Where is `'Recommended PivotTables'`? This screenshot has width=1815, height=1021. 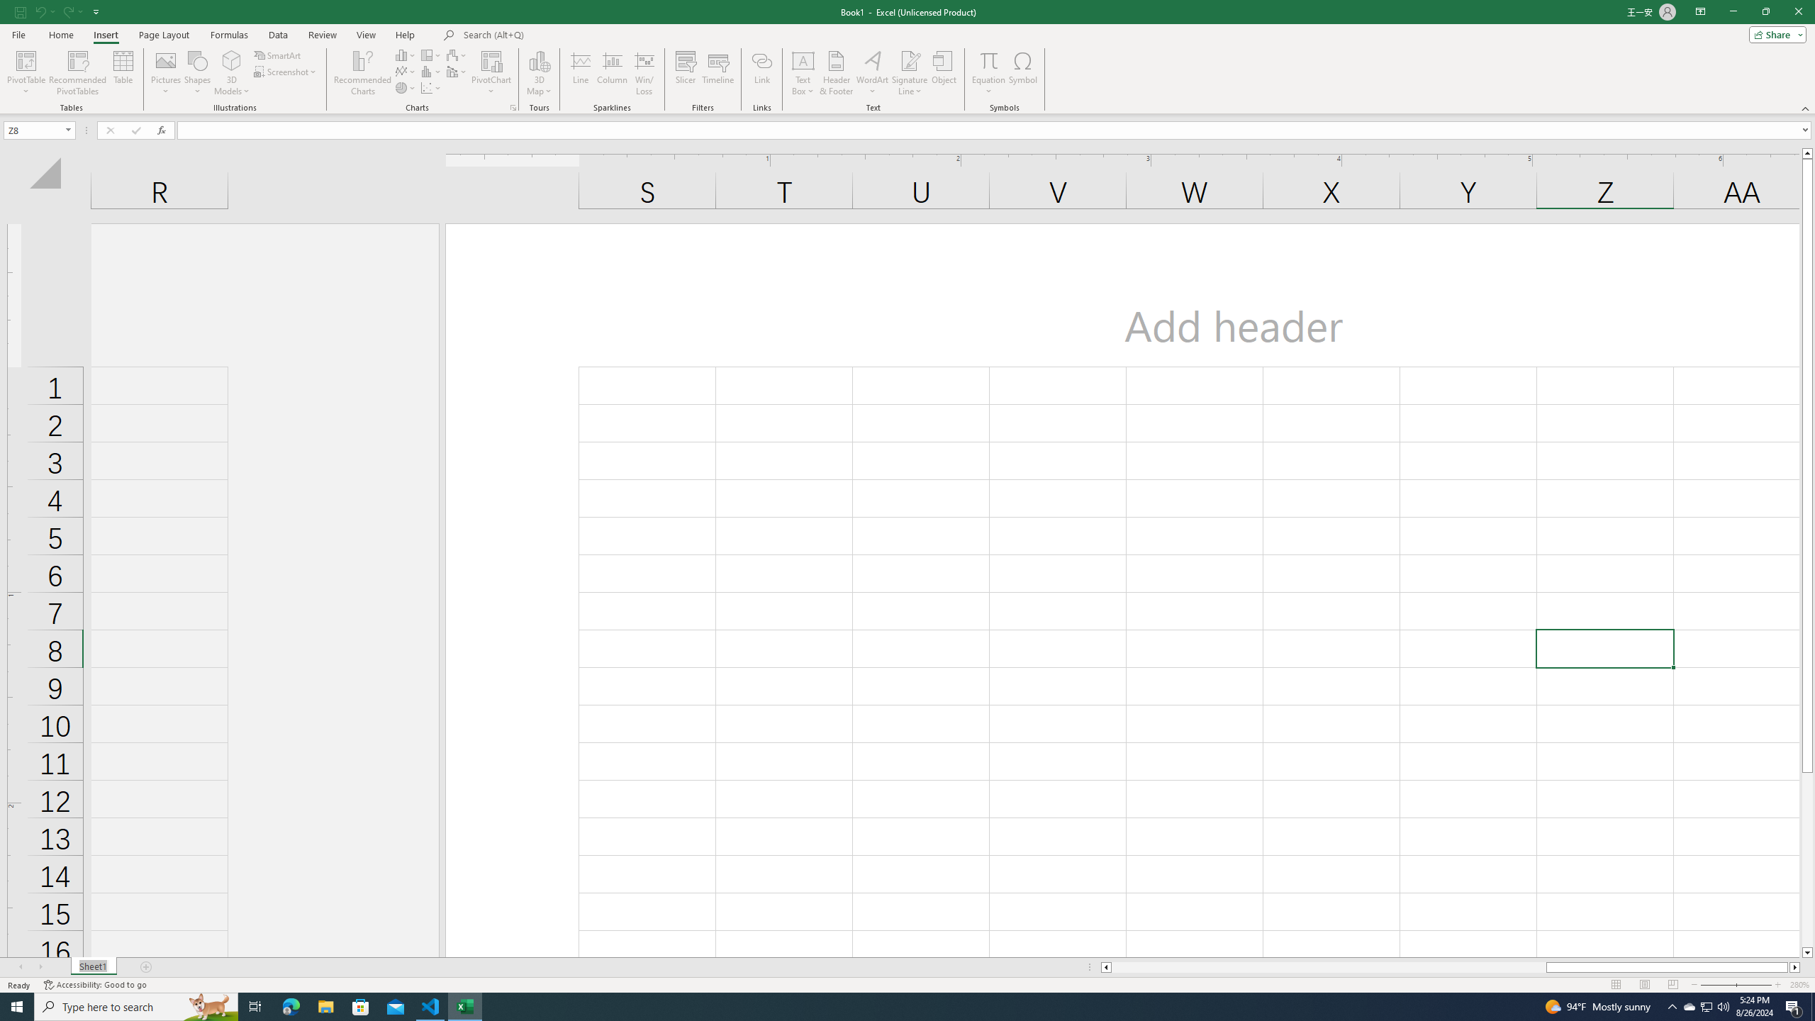 'Recommended PivotTables' is located at coordinates (78, 73).